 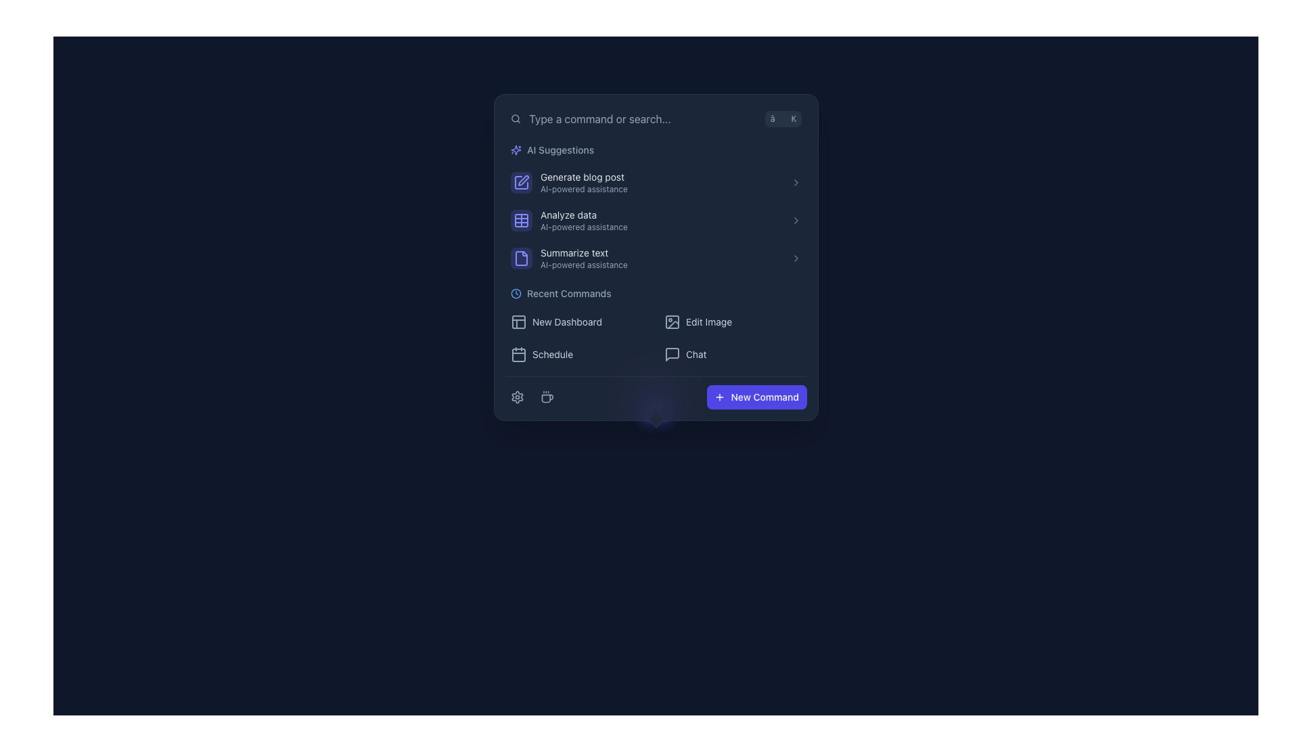 I want to click on the label that categorizes the AI-generated suggestions, located in the top section of the sidebar, aligned to the right of the sparkle icon, so click(x=560, y=150).